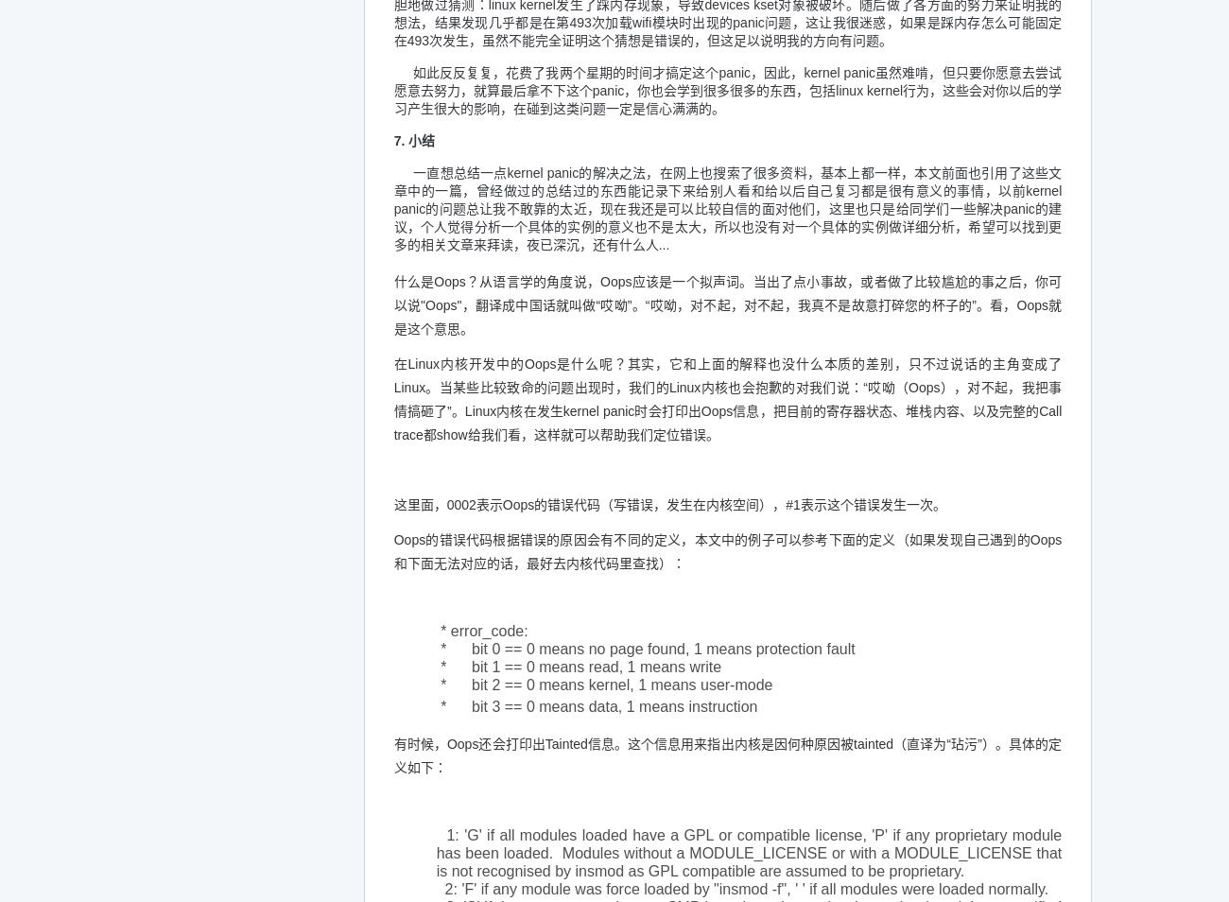 This screenshot has width=1229, height=902. I want to click on '7. 小结', so click(412, 140).